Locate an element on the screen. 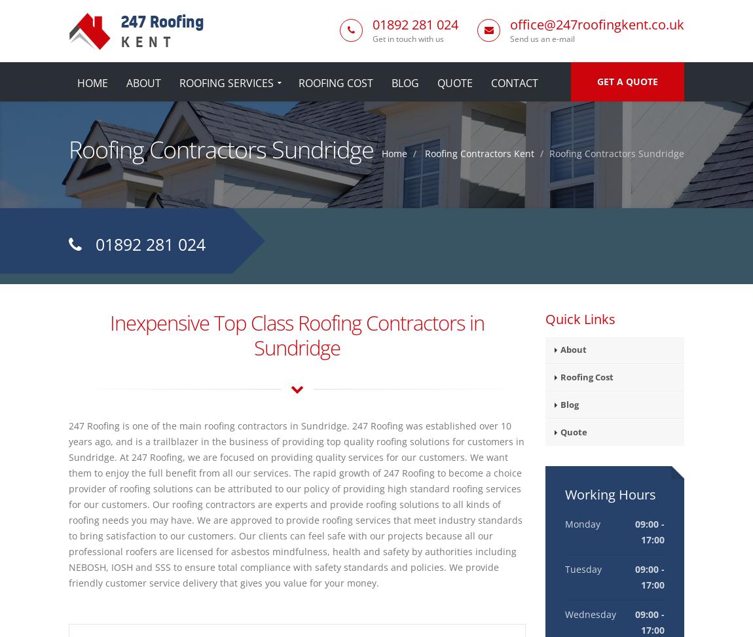 The width and height of the screenshot is (753, 637). 'Get in touch with us' is located at coordinates (407, 38).